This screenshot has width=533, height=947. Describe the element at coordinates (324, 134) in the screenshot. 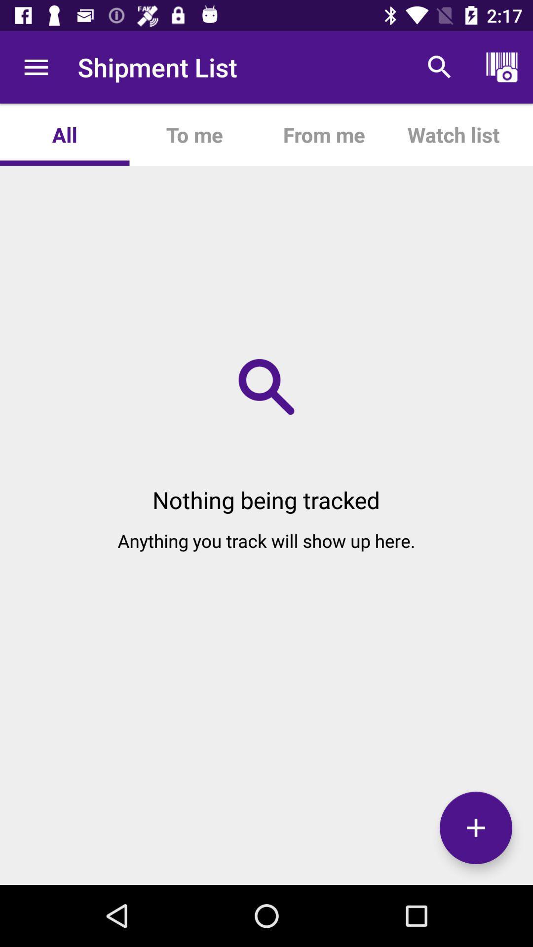

I see `the app to the left of the watch list item` at that location.